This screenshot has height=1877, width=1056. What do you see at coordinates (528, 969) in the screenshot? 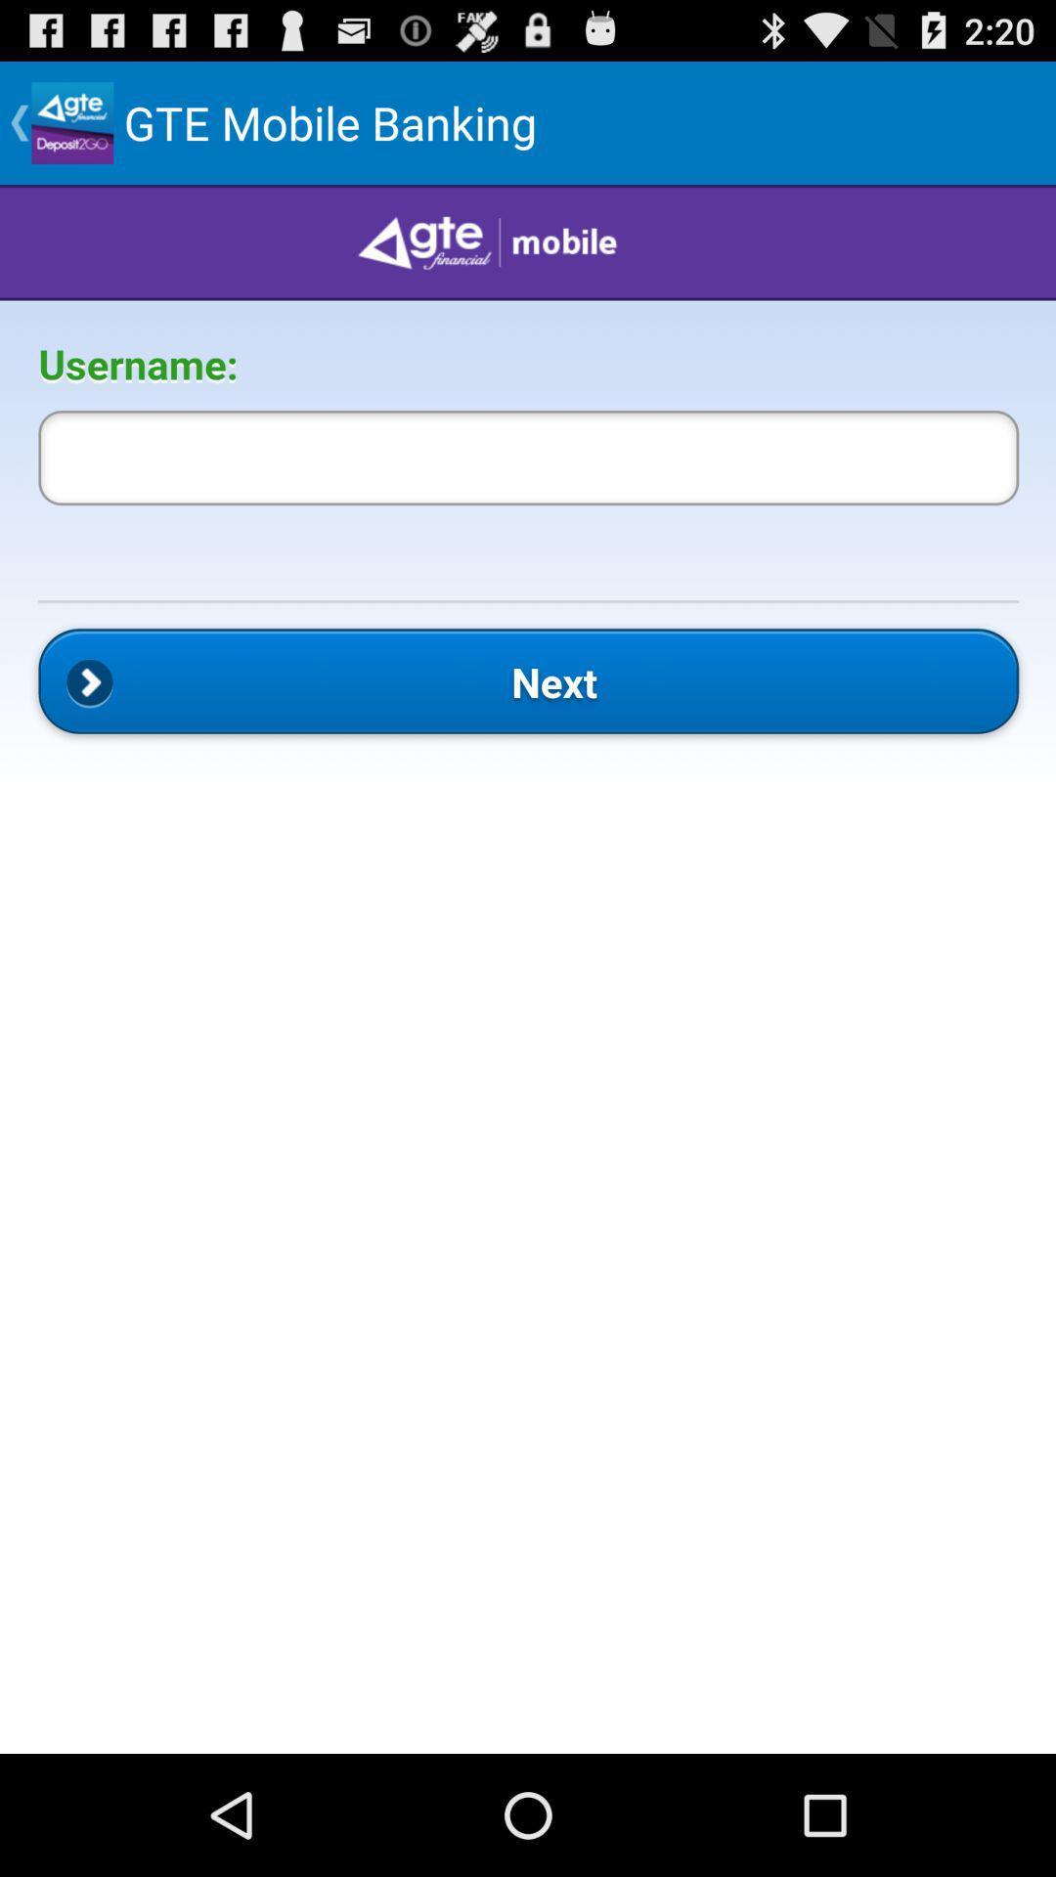
I see `mobile banking insert username go to the next page` at bounding box center [528, 969].